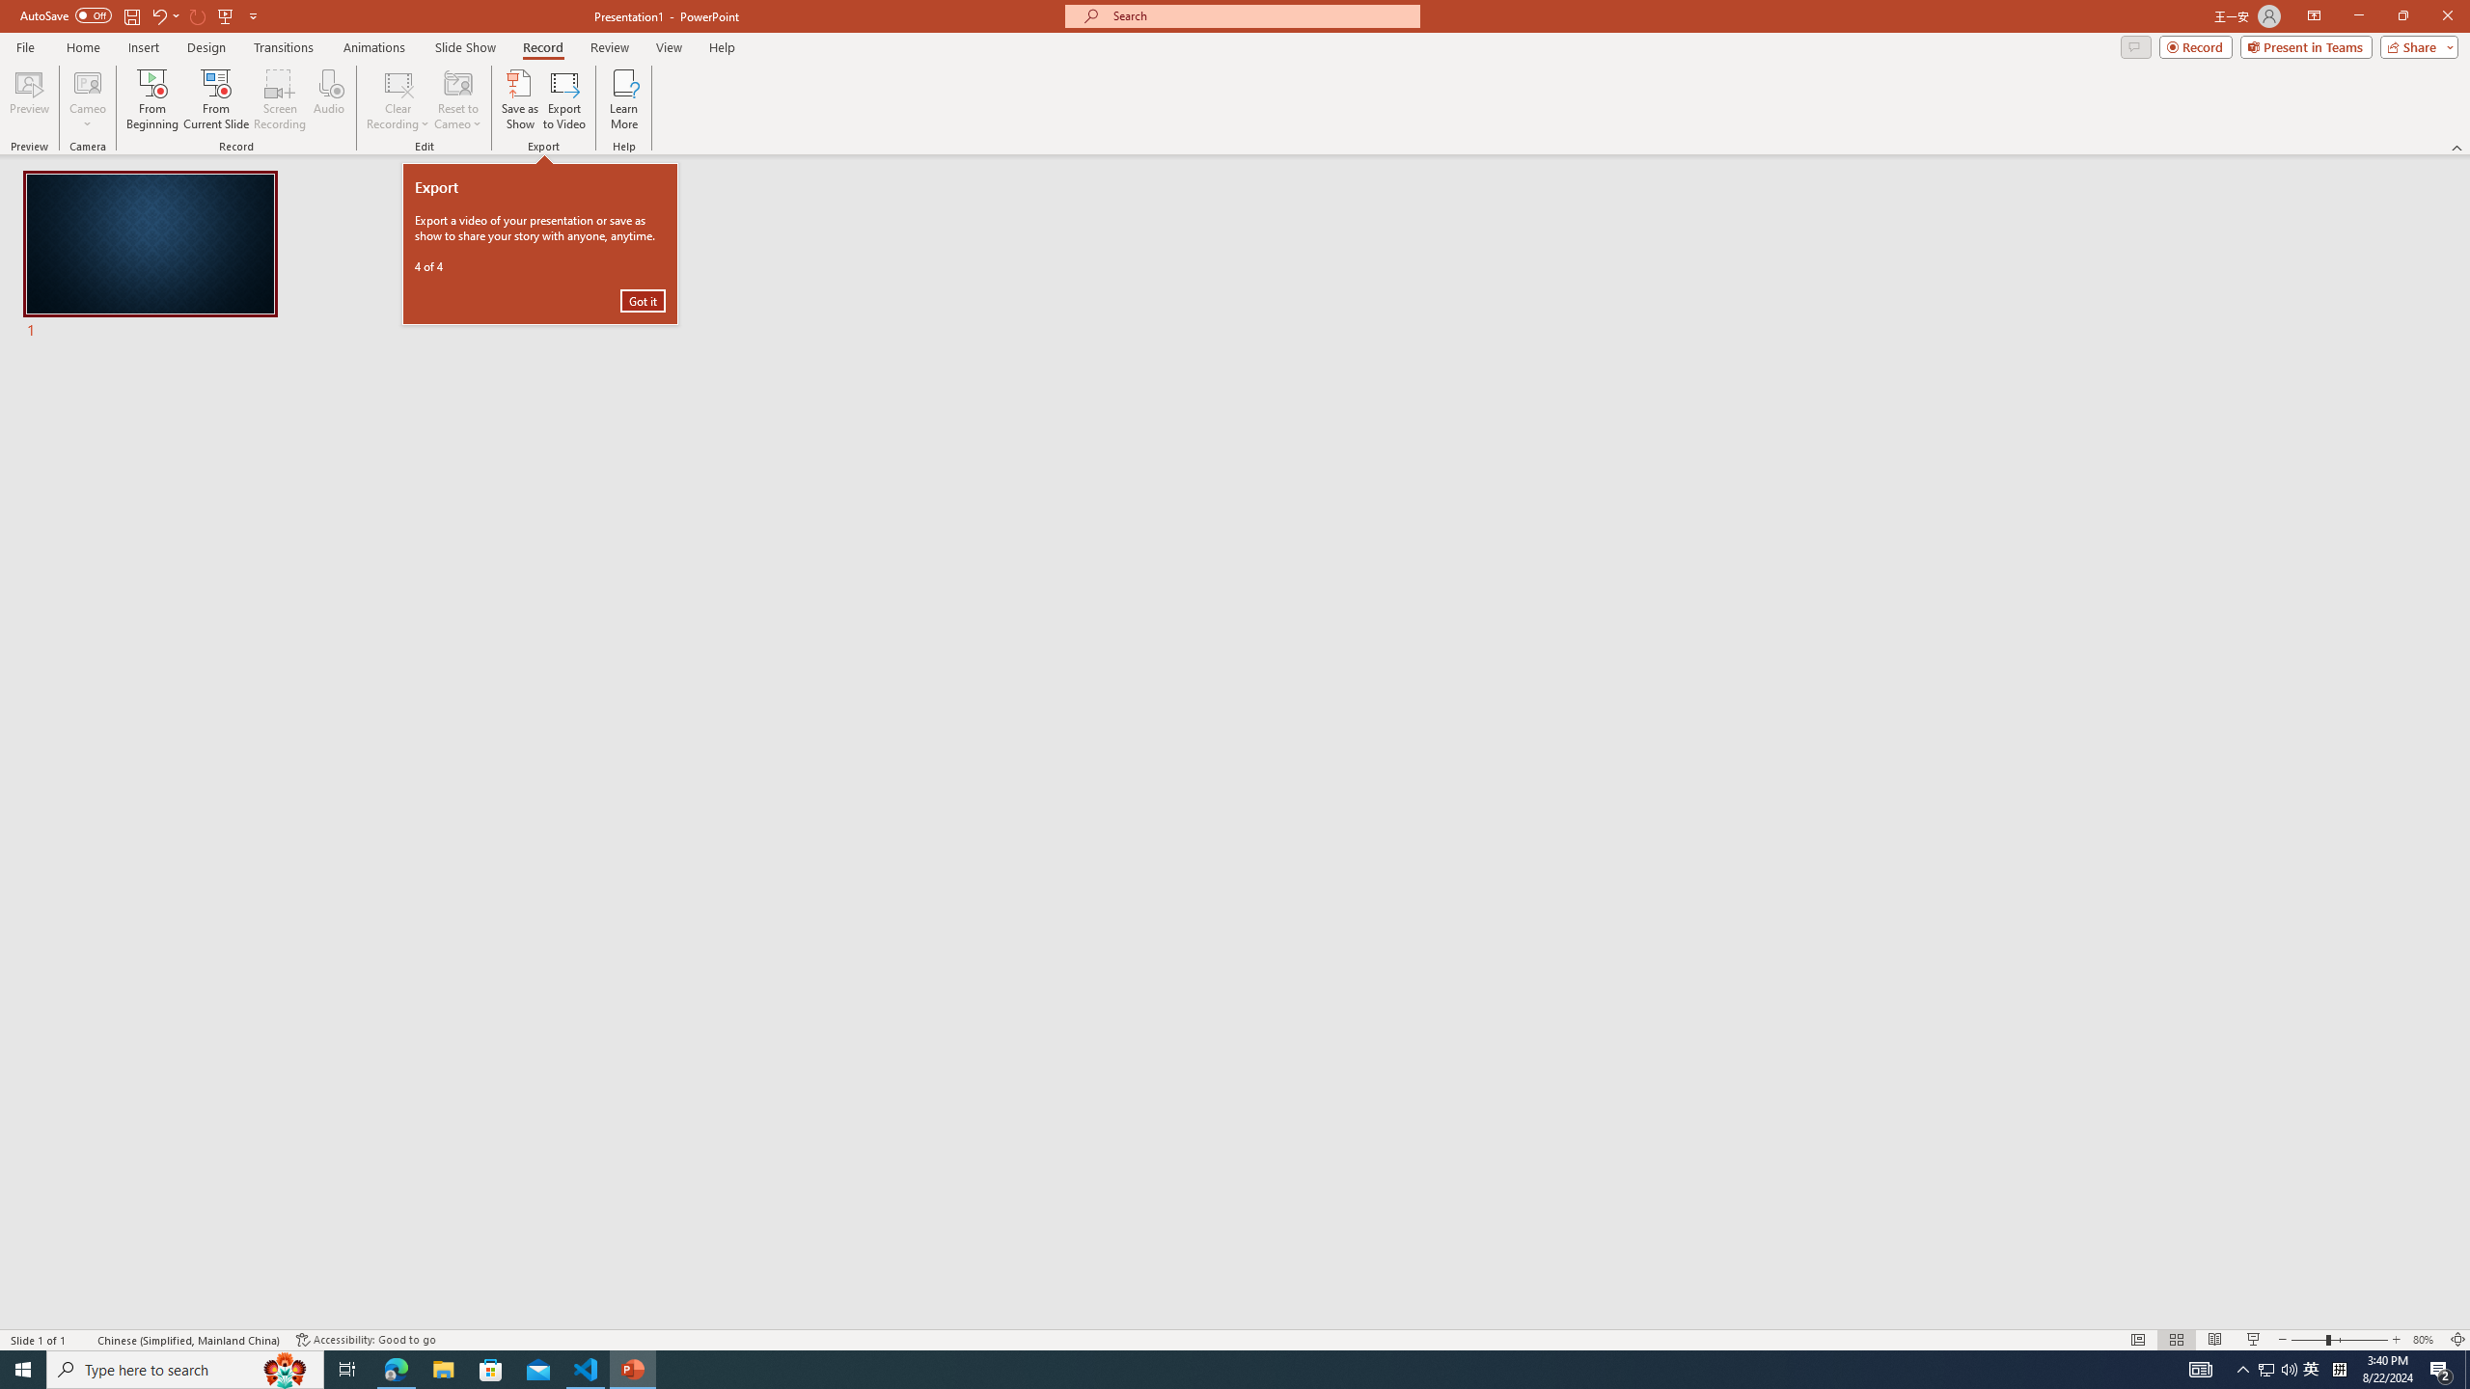 The width and height of the screenshot is (2470, 1389). What do you see at coordinates (2306, 45) in the screenshot?
I see `'Present in Teams'` at bounding box center [2306, 45].